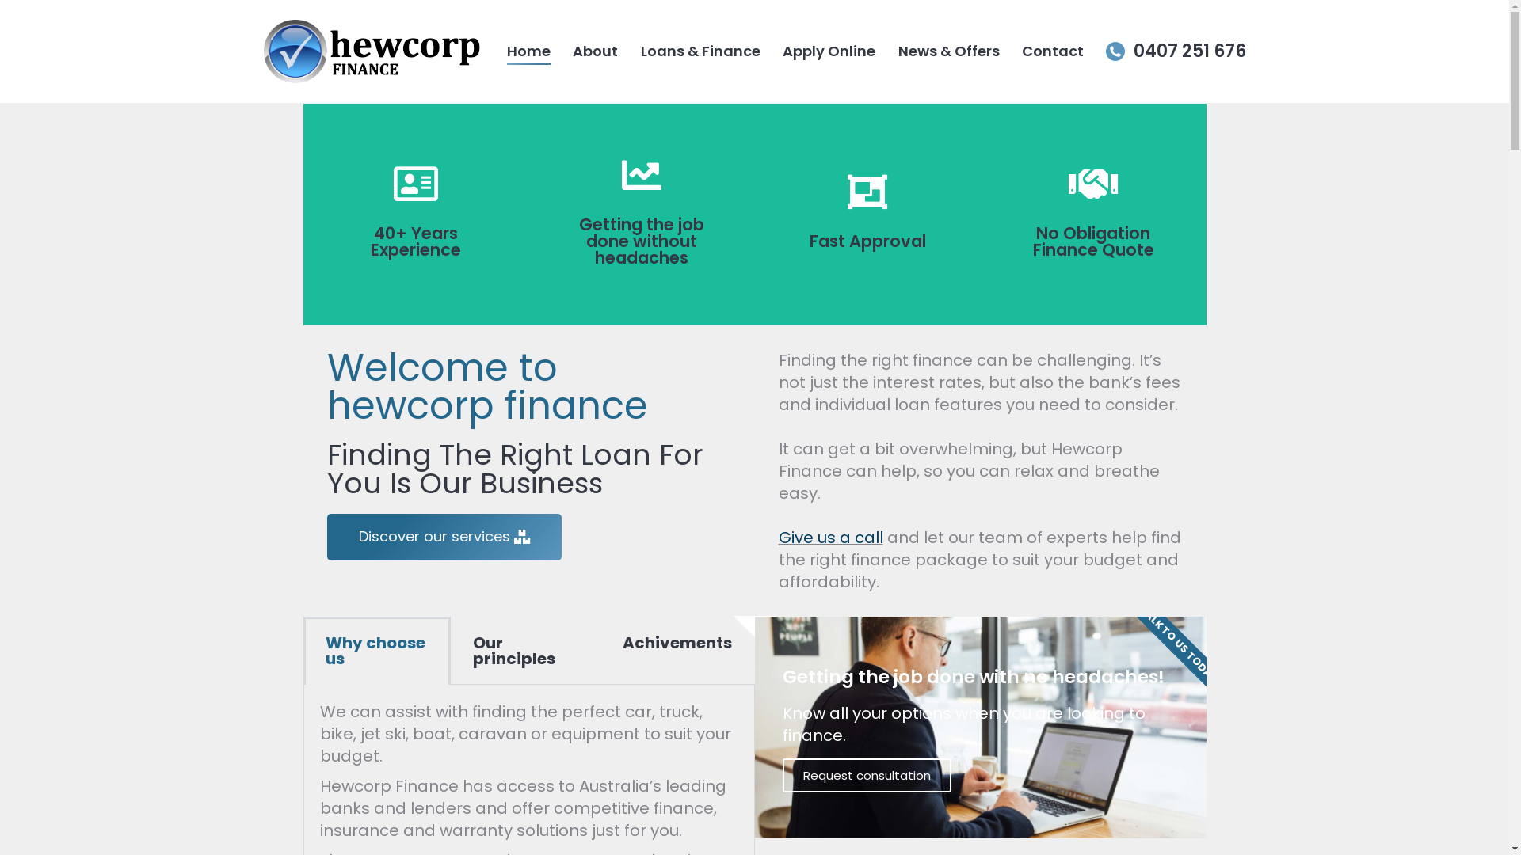 The width and height of the screenshot is (1521, 855). Describe the element at coordinates (1175, 51) in the screenshot. I see `'0407 251 676'` at that location.